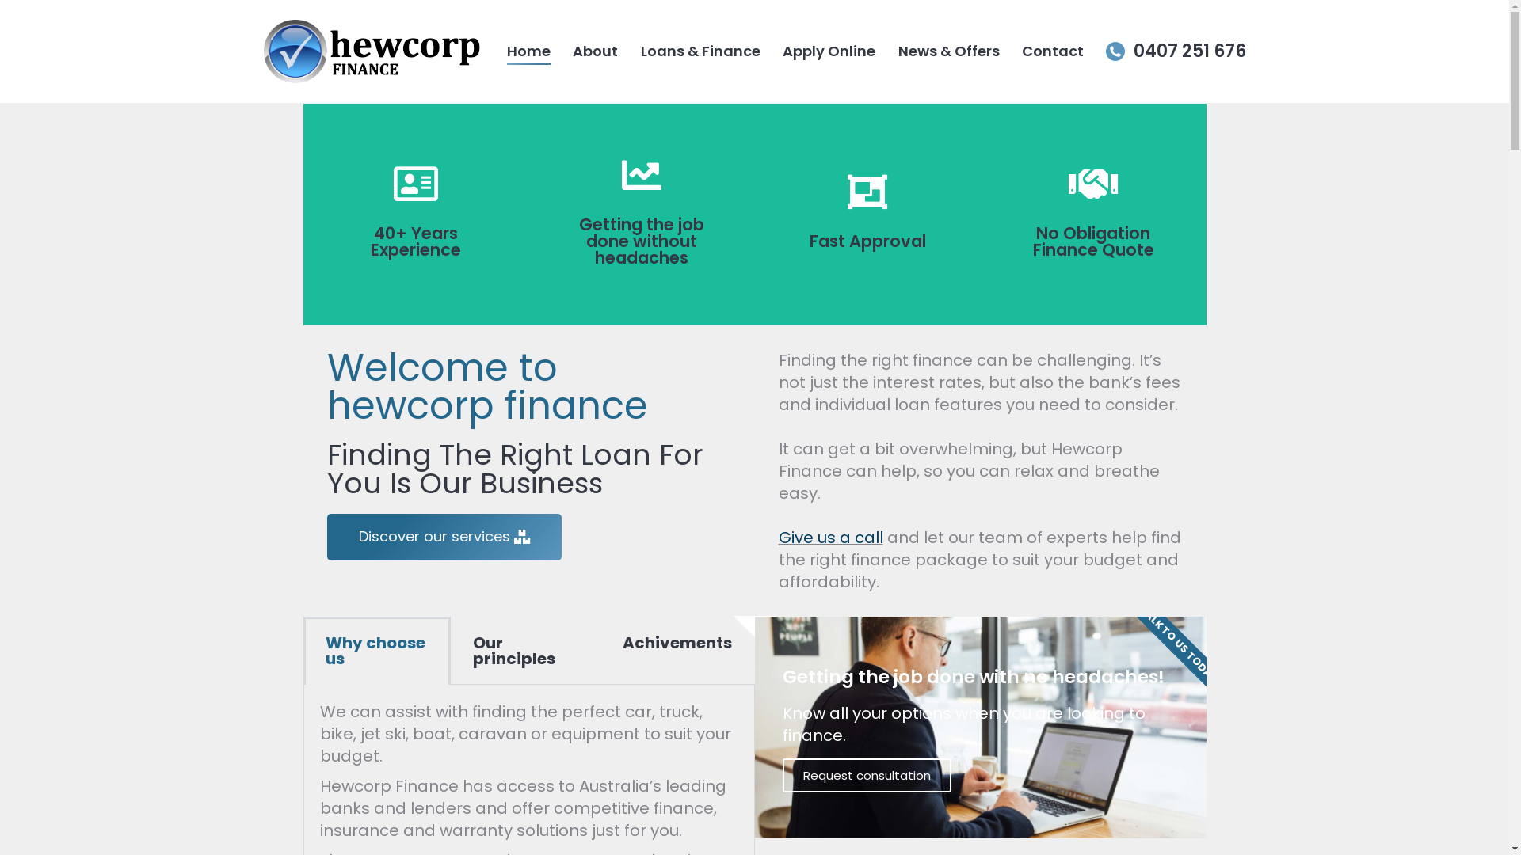 The width and height of the screenshot is (1521, 855). Describe the element at coordinates (1175, 51) in the screenshot. I see `'0407 251 676'` at that location.